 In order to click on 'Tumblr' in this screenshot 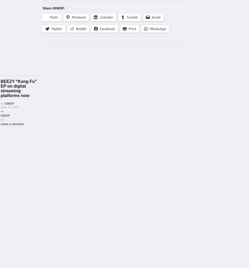, I will do `click(132, 17)`.